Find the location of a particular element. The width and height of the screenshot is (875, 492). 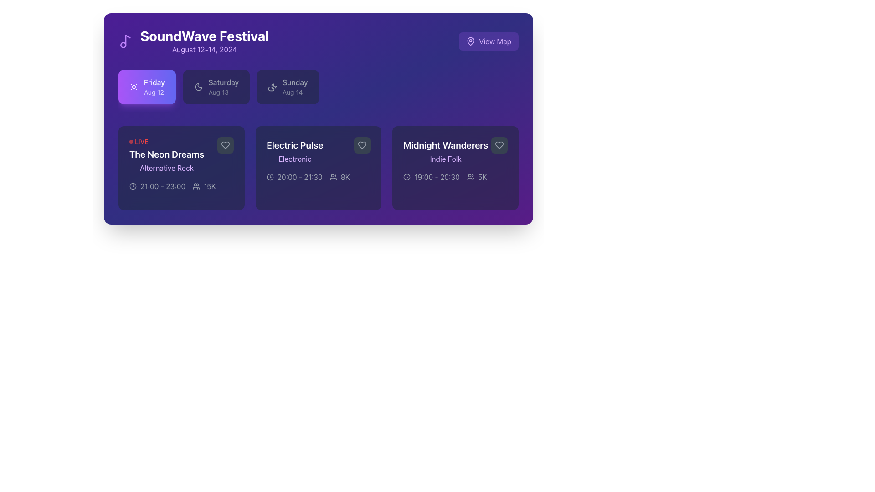

the heart icon in the top-right of the first event card labeled 'The Neon Dreams Alternative Rock' is located at coordinates (225, 145).